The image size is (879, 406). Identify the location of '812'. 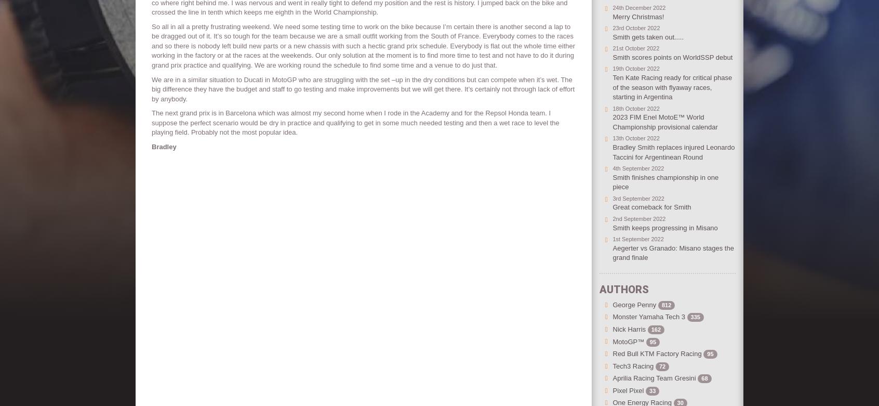
(665, 304).